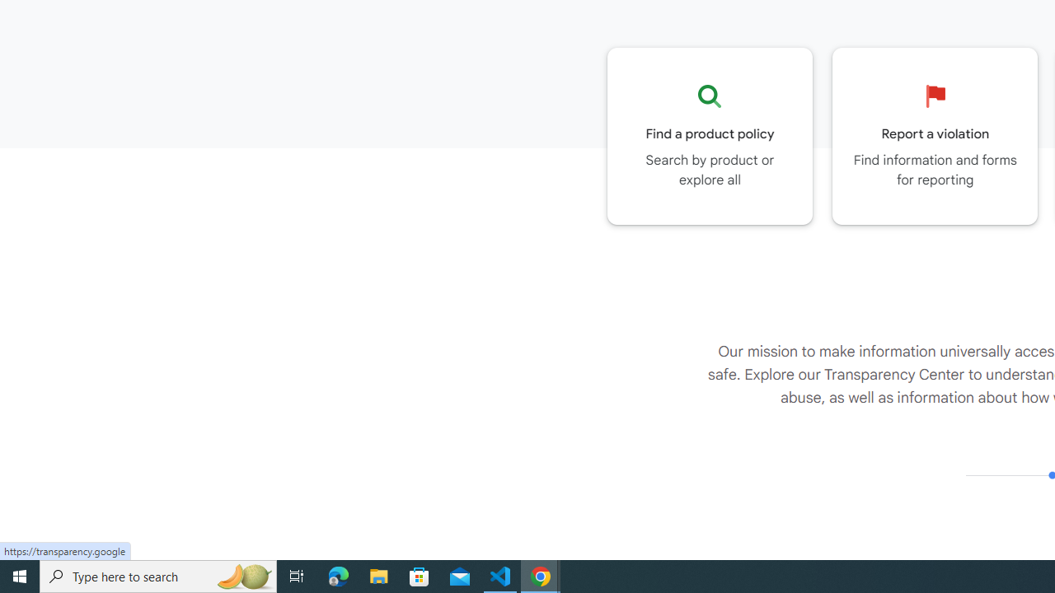 The height and width of the screenshot is (593, 1055). Describe the element at coordinates (710, 135) in the screenshot. I see `'Go to the Product policy page'` at that location.